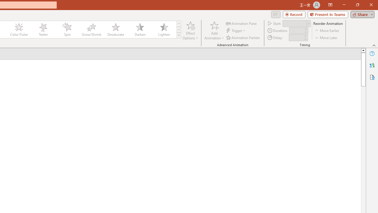  I want to click on 'Grow/Shrink', so click(91, 30).